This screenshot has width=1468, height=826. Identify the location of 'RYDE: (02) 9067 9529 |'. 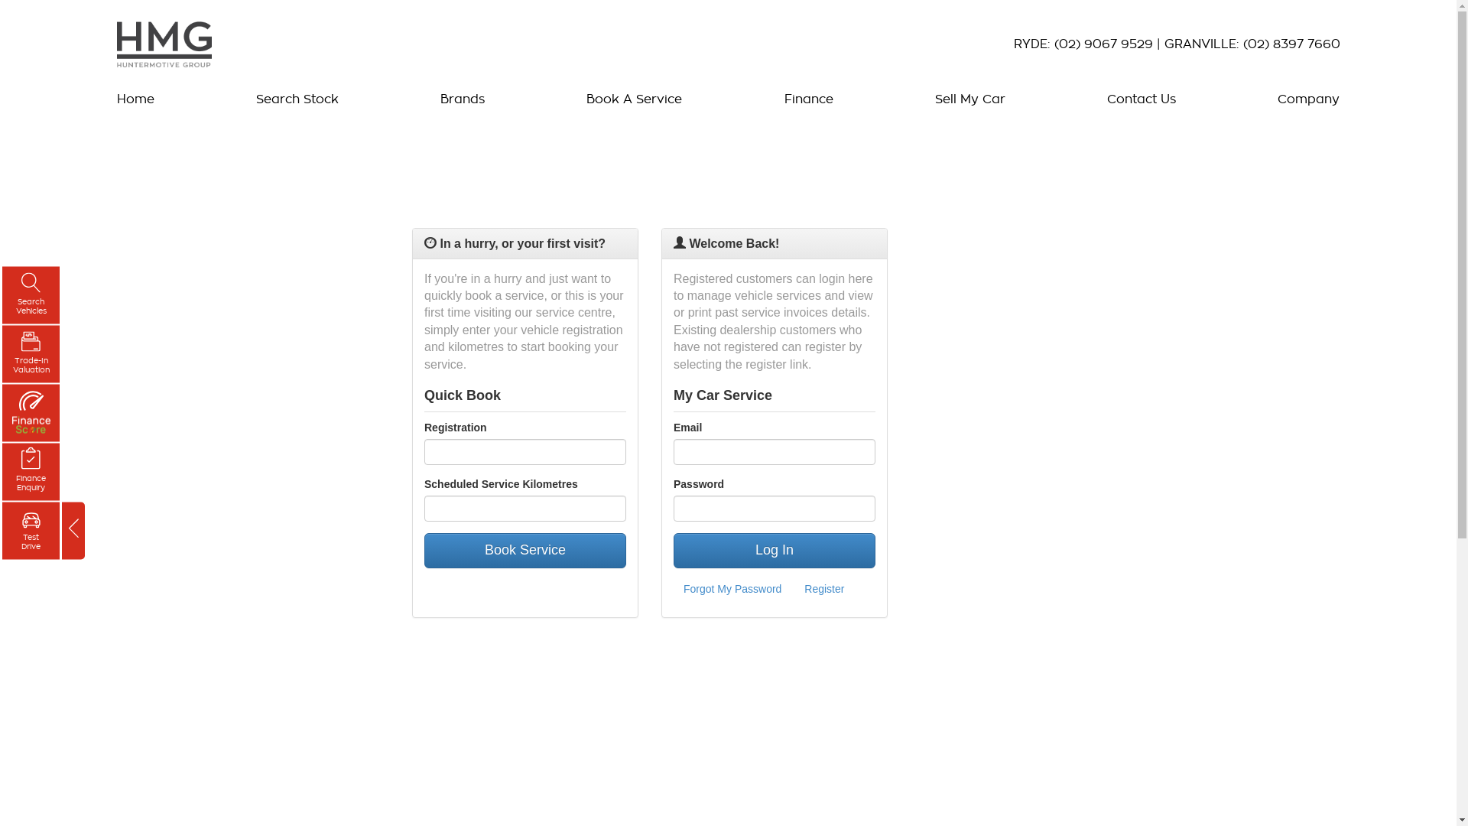
(1013, 43).